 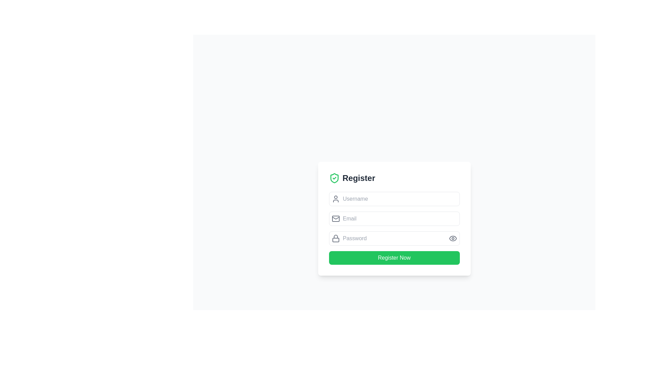 I want to click on the visibility toggle button located at the right end of the password input field, so click(x=453, y=238).